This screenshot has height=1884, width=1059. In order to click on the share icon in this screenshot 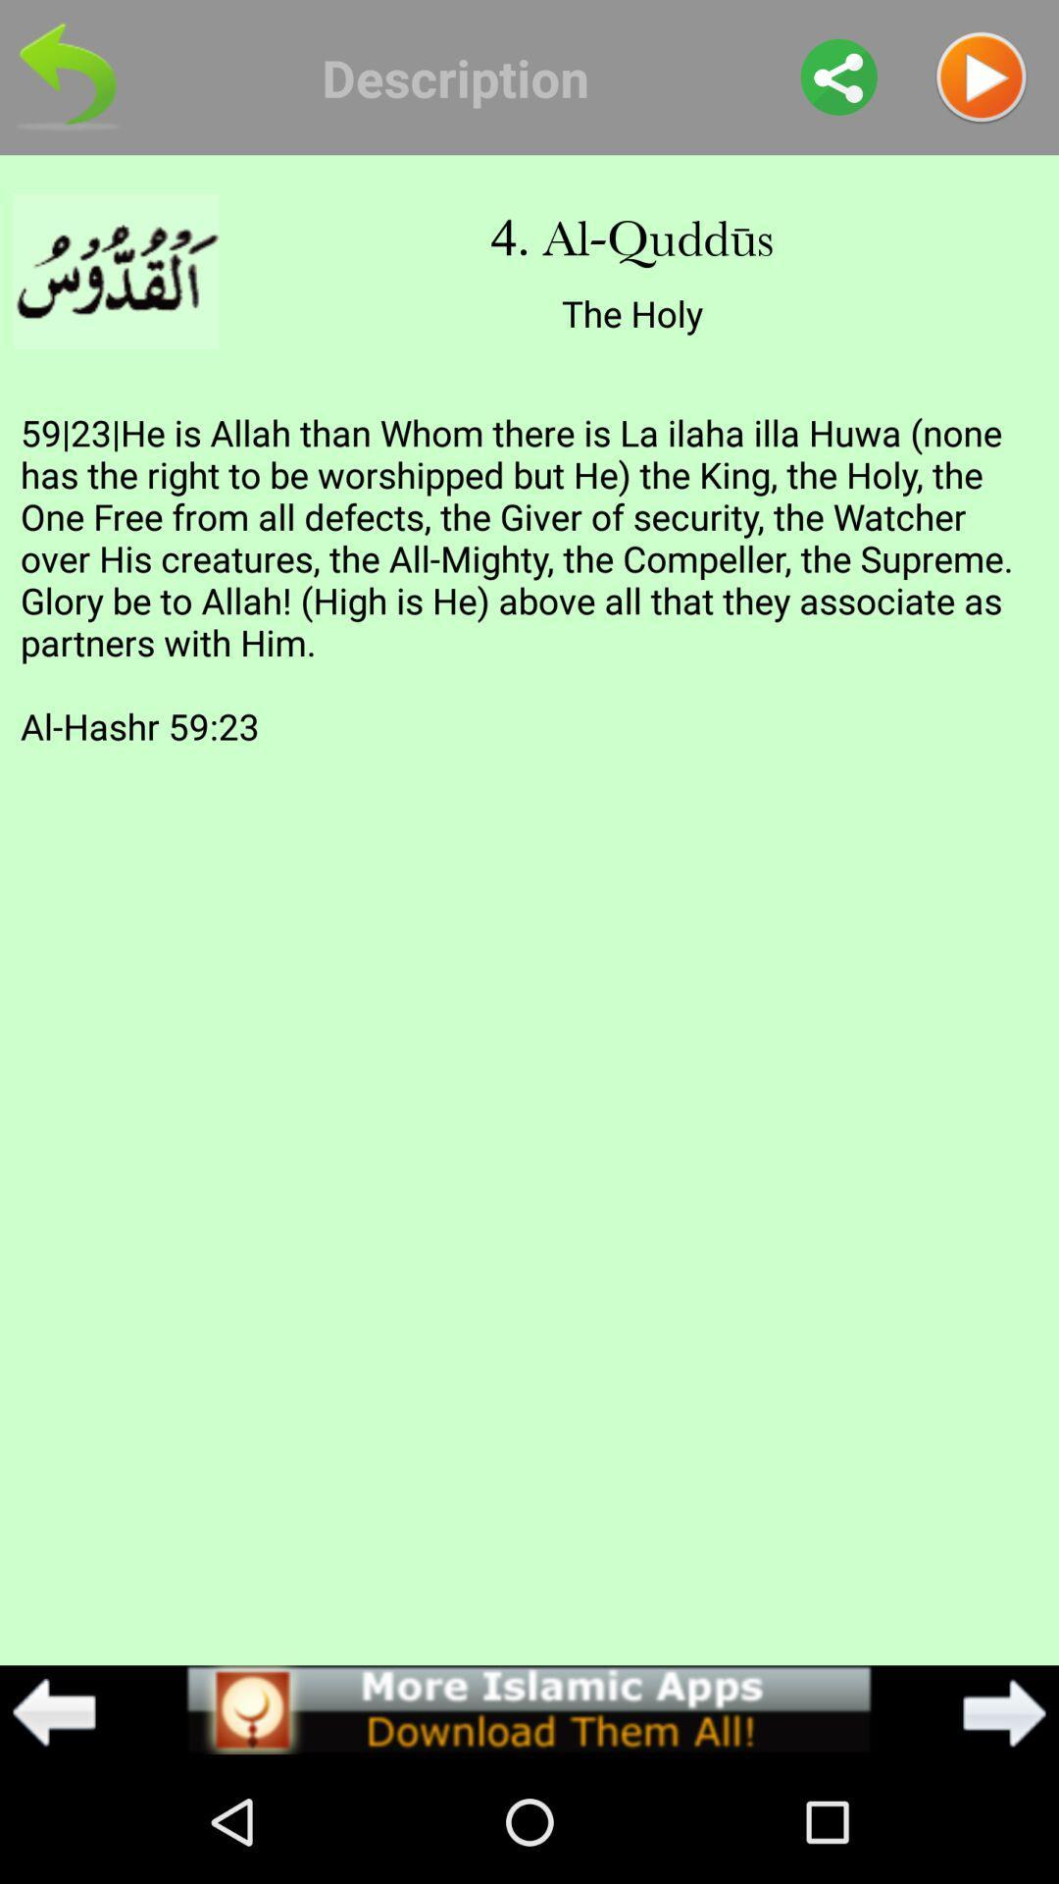, I will do `click(838, 81)`.